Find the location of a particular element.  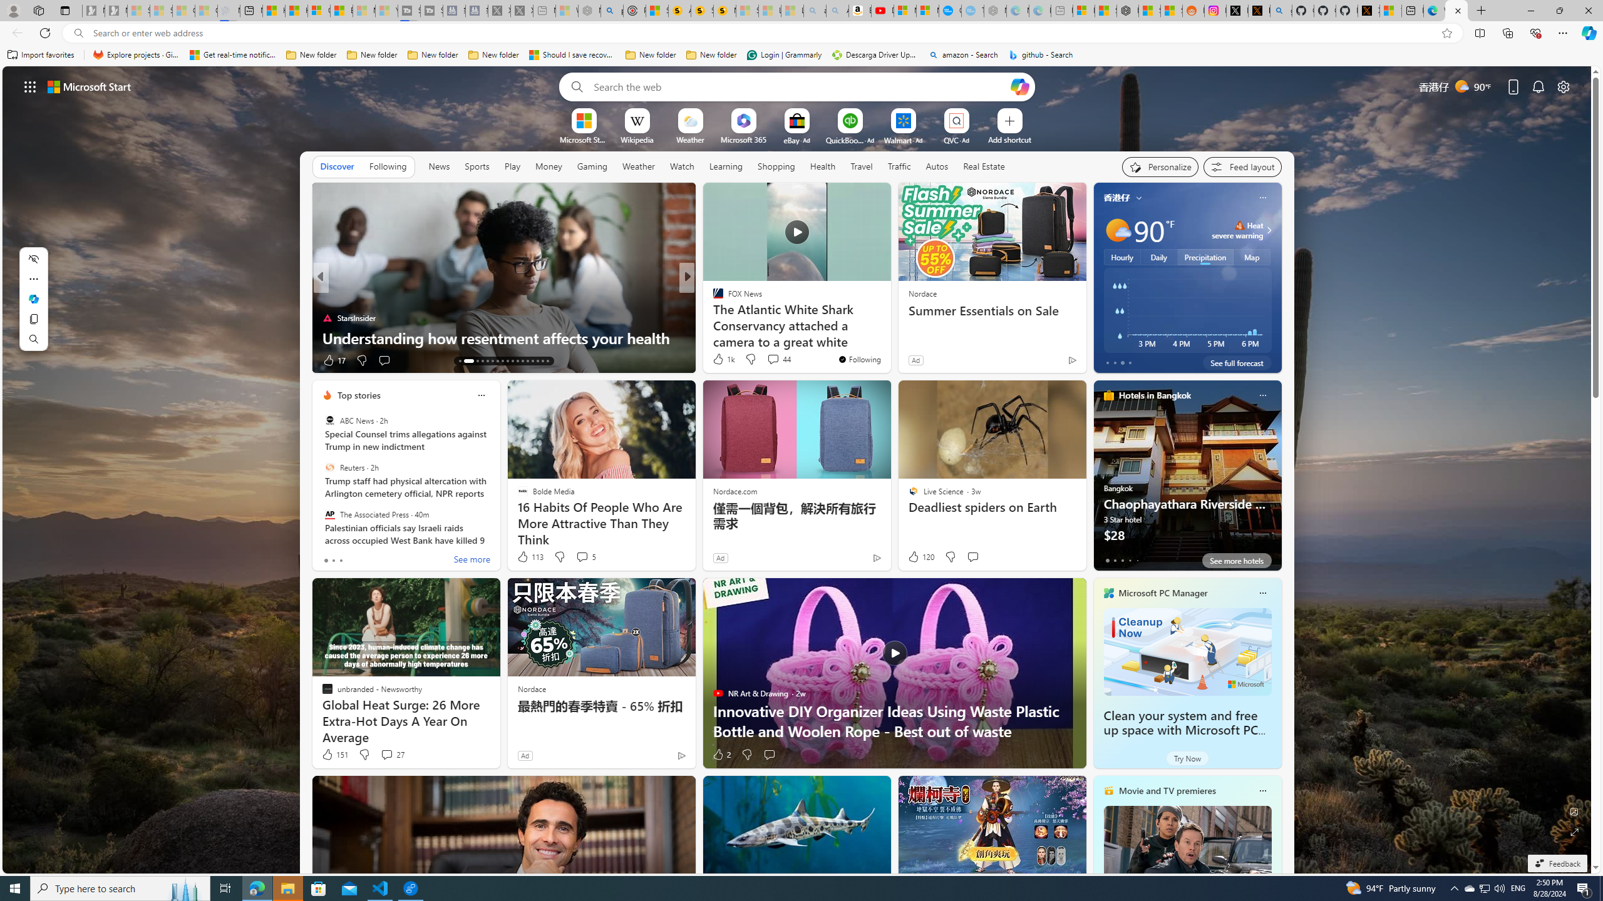

'Health' is located at coordinates (822, 165).